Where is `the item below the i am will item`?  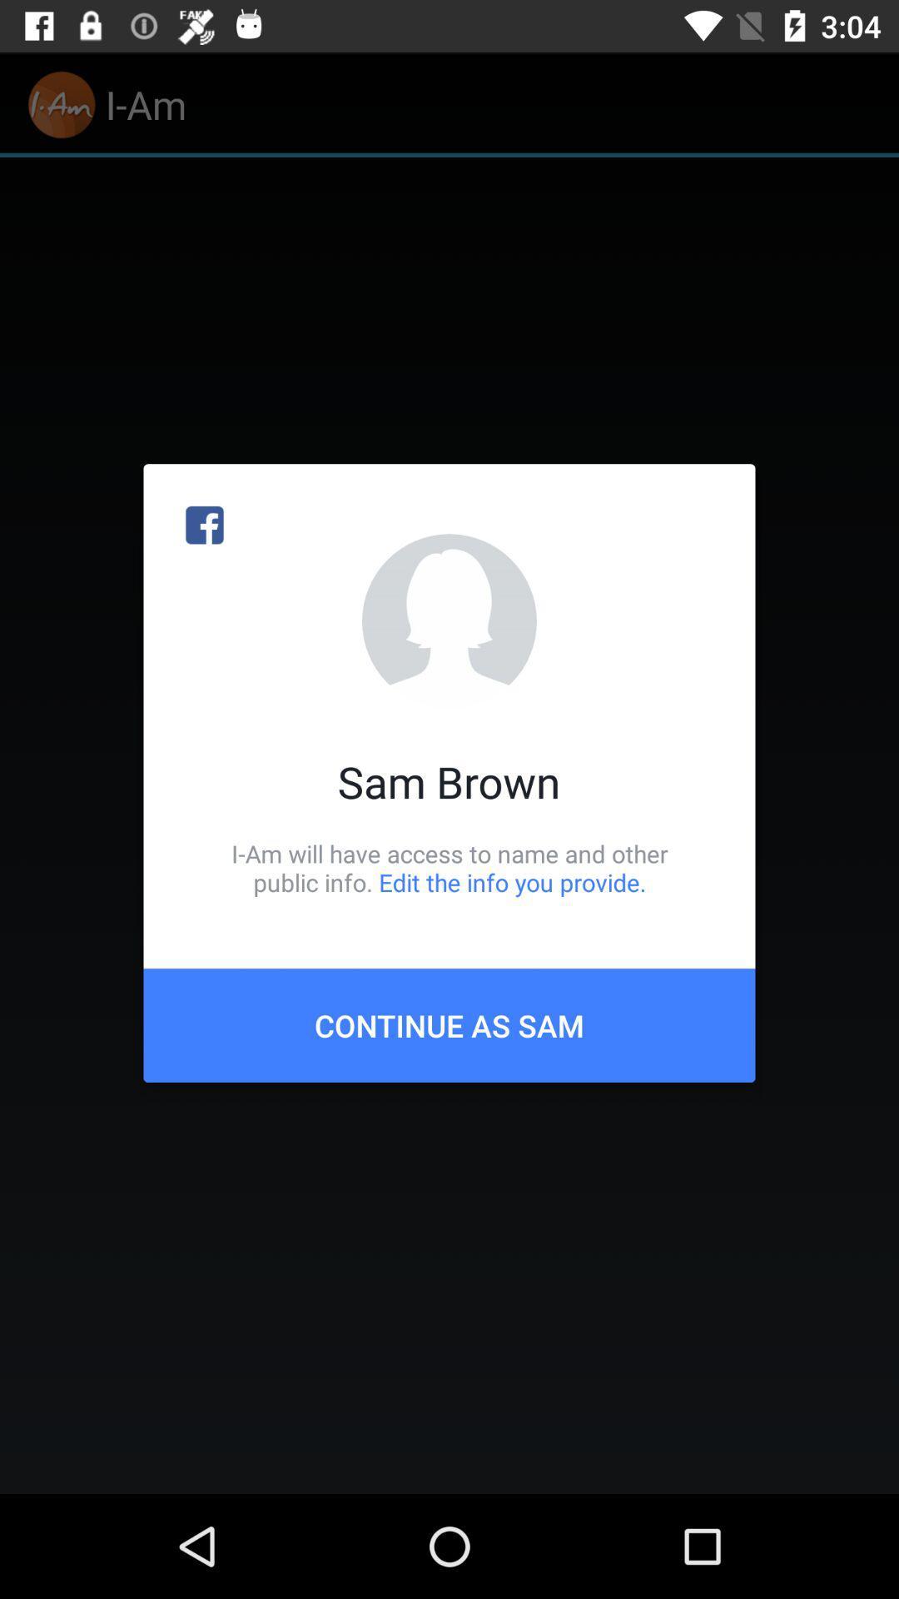 the item below the i am will item is located at coordinates (449, 1024).